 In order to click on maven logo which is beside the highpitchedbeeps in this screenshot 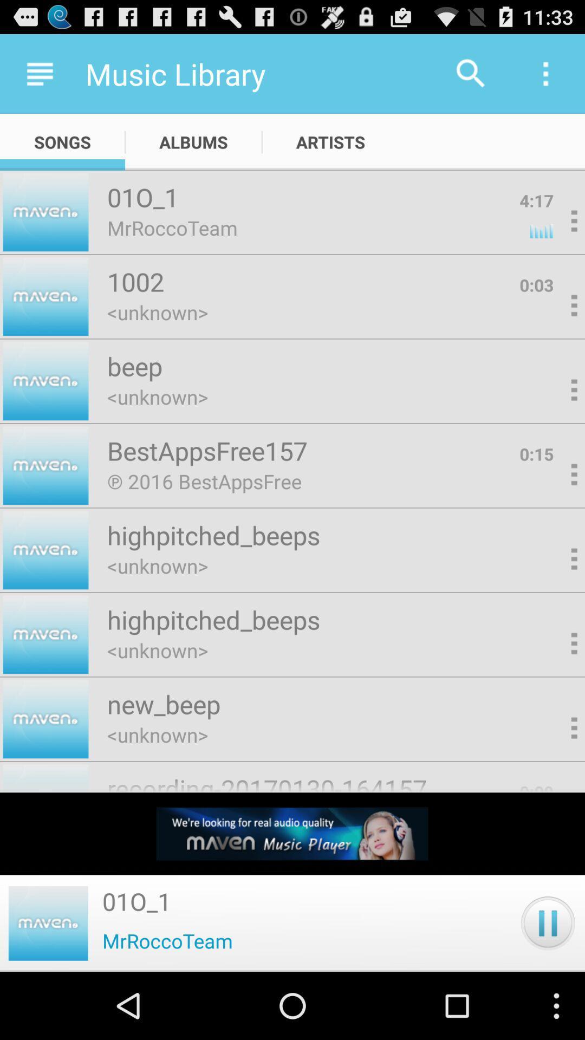, I will do `click(45, 550)`.